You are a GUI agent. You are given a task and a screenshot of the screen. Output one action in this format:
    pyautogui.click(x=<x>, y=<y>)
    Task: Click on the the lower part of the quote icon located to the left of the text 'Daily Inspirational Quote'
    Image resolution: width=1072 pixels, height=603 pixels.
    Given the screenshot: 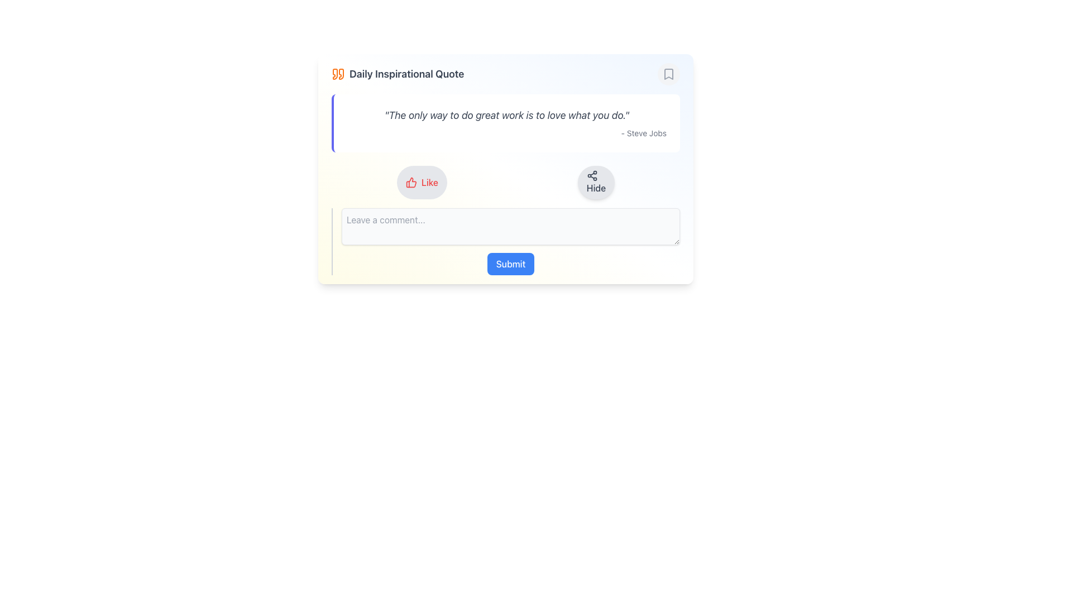 What is the action you would take?
    pyautogui.click(x=334, y=74)
    